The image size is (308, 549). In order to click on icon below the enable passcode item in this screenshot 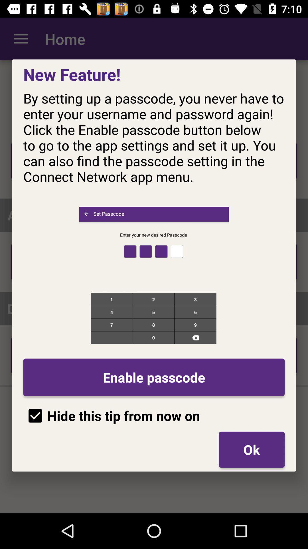, I will do `click(251, 449)`.